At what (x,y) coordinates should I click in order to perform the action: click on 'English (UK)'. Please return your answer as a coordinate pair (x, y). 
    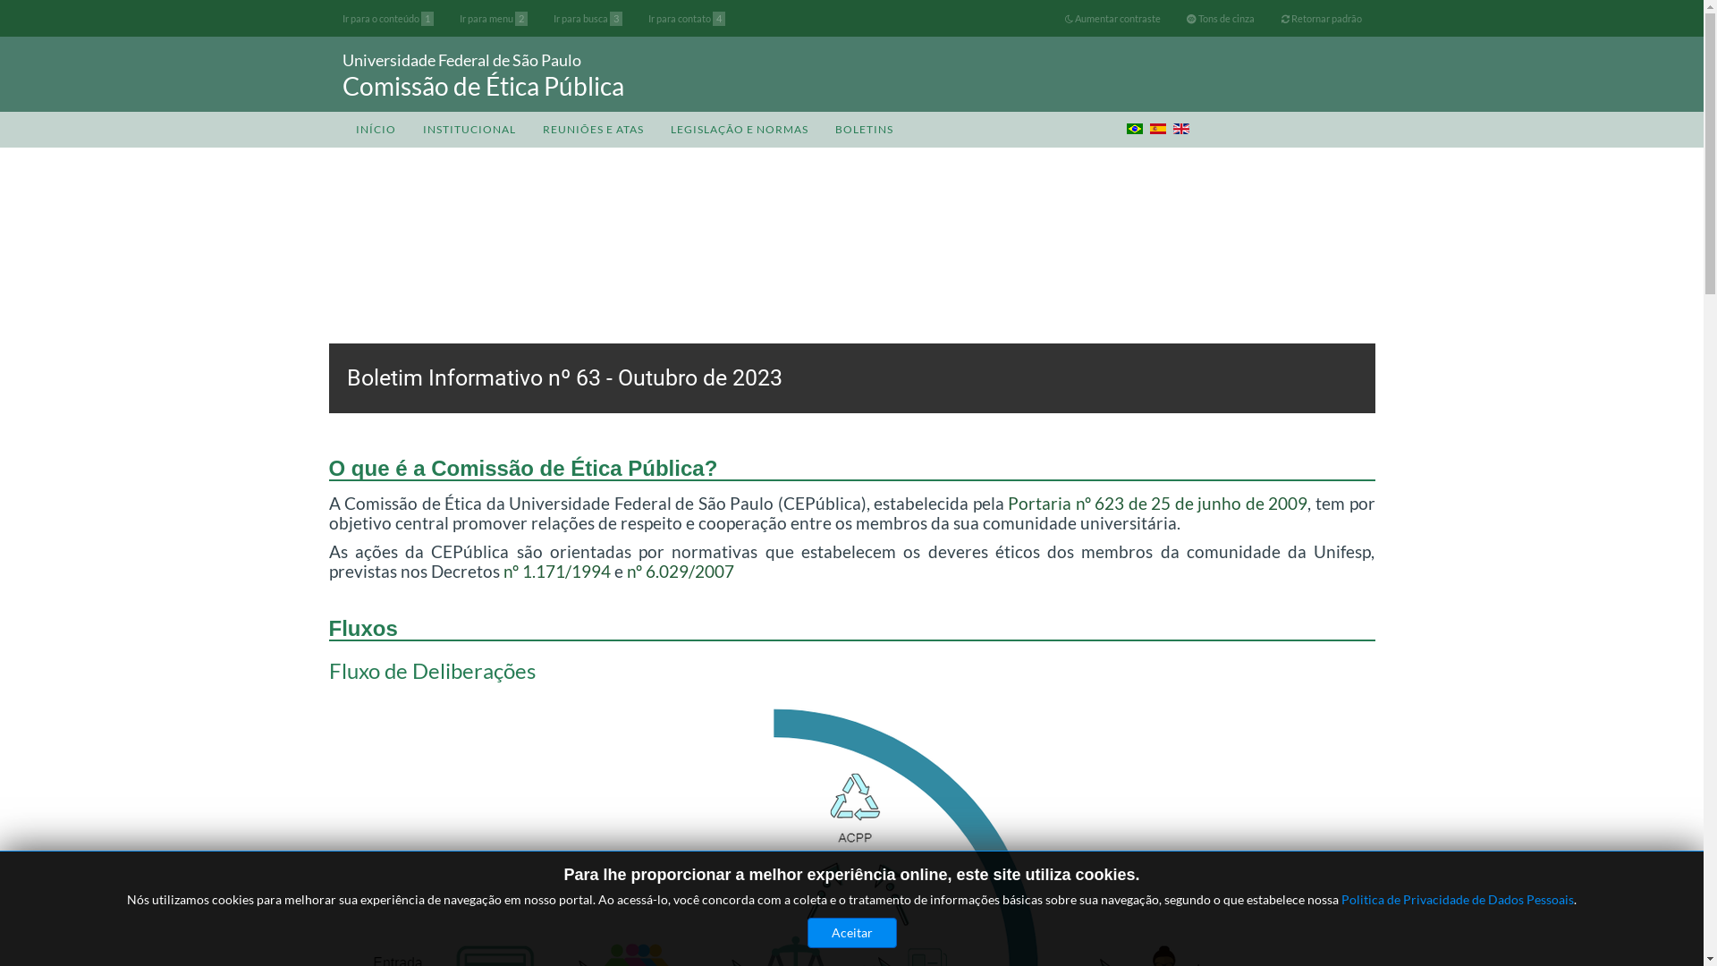
    Looking at the image, I should click on (1180, 127).